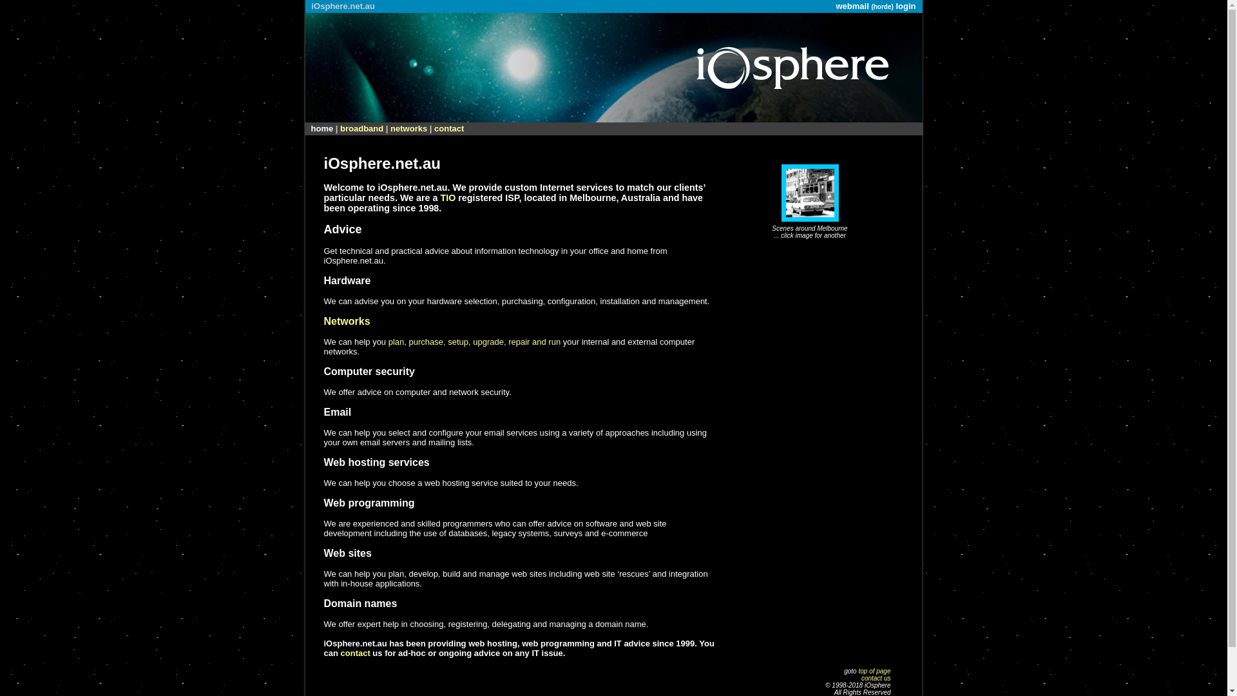 Image resolution: width=1237 pixels, height=696 pixels. Describe the element at coordinates (874, 670) in the screenshot. I see `'top of page'` at that location.